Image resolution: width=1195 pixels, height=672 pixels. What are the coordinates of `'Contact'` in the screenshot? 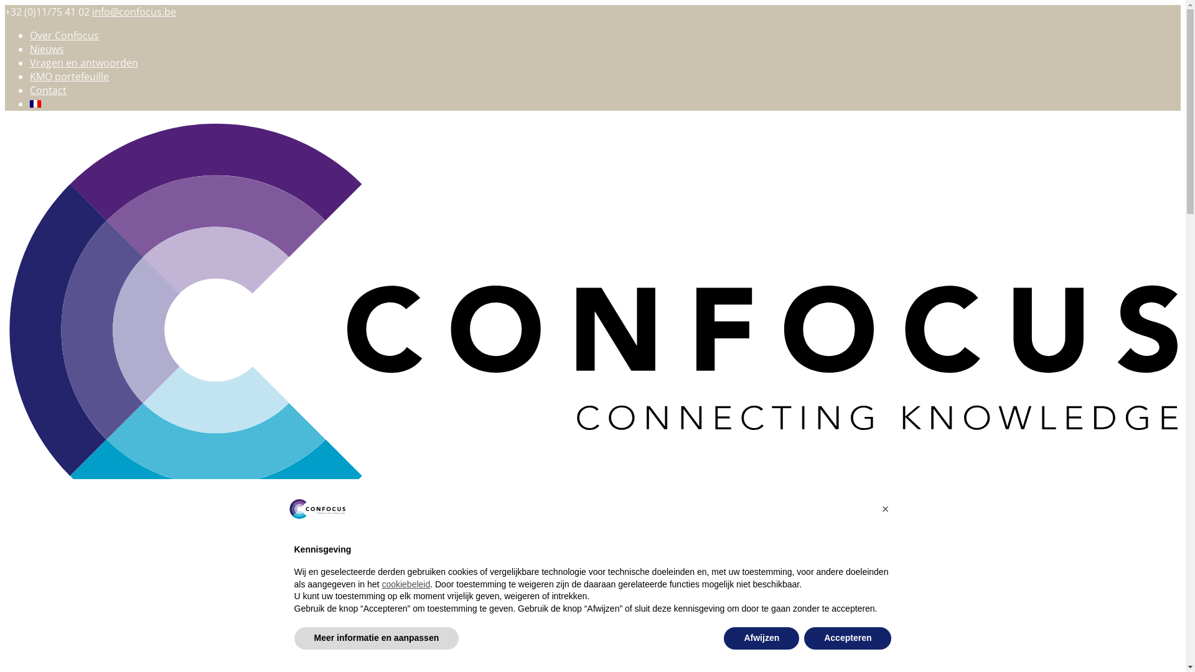 It's located at (48, 90).